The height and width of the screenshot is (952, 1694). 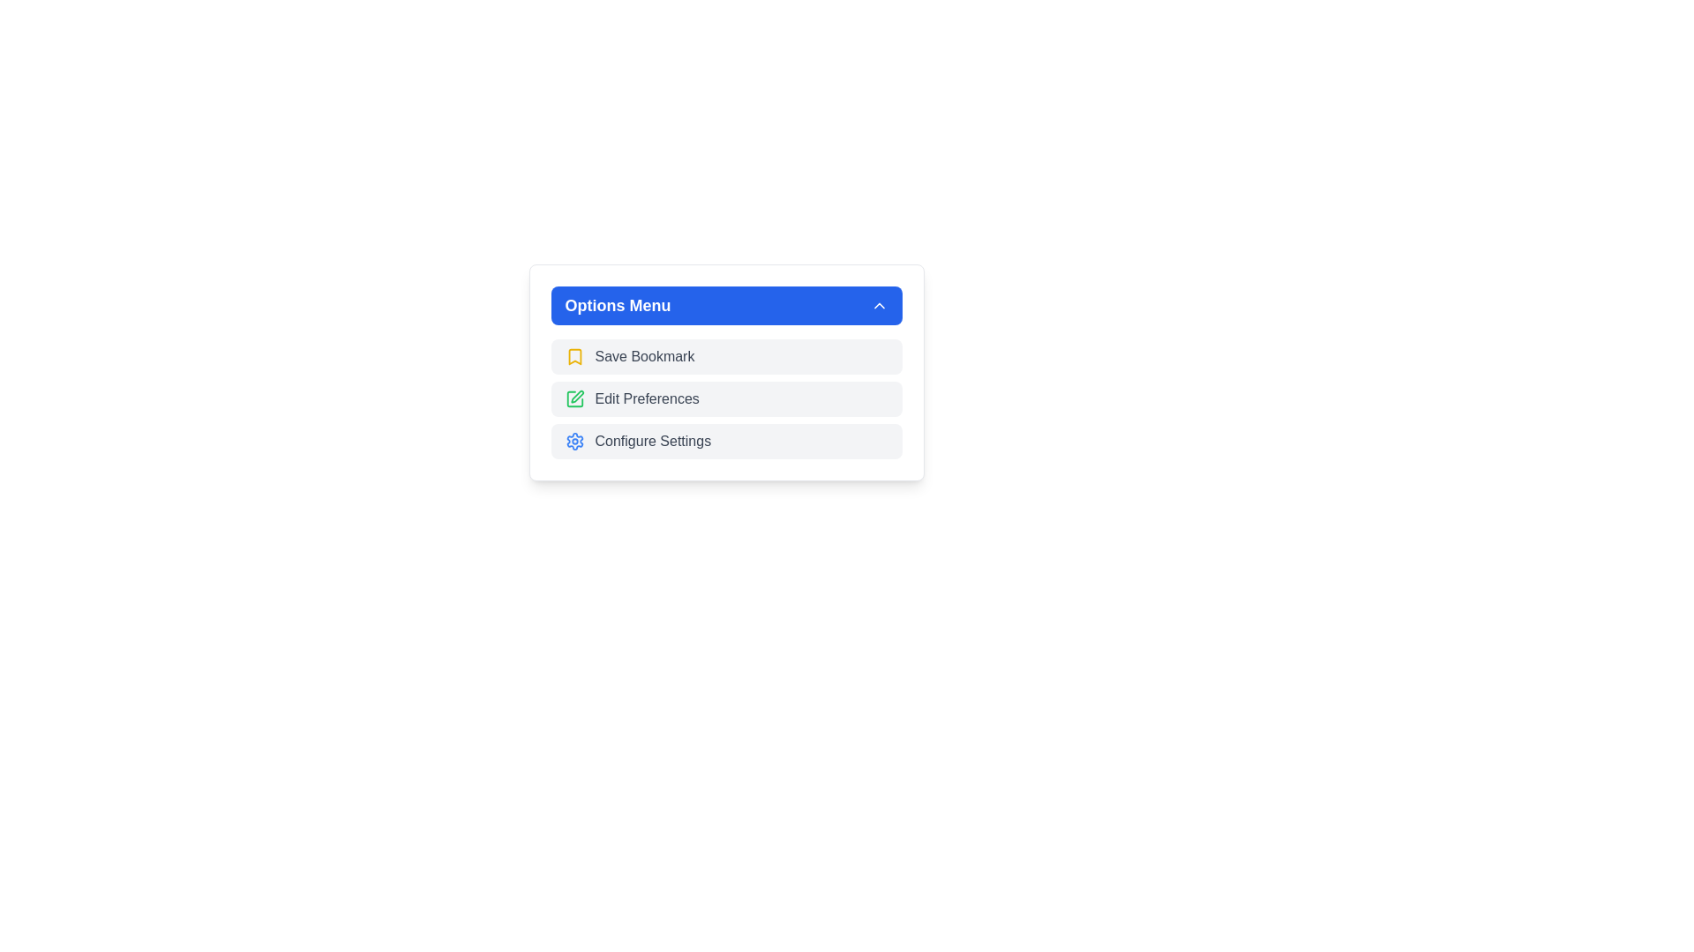 What do you see at coordinates (574, 357) in the screenshot?
I see `the yellow bookmark icon located to the left of the 'Save Bookmark' text in the vertical menu for any visual cues` at bounding box center [574, 357].